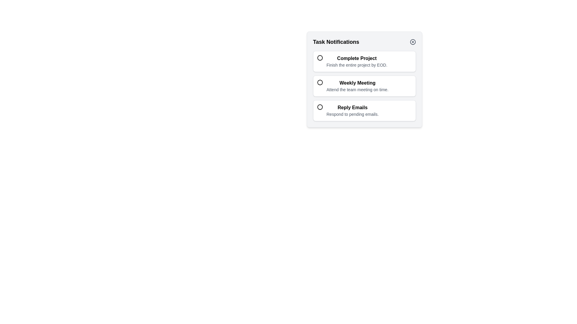  What do you see at coordinates (353, 114) in the screenshot?
I see `the text label displaying 'Respond to pending emails.' which is located directly below the 'Reply Emails' title in the Task Notifications list` at bounding box center [353, 114].